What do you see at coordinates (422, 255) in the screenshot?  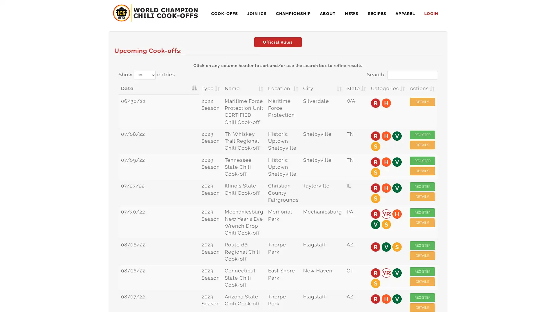 I see `DETAILS` at bounding box center [422, 255].